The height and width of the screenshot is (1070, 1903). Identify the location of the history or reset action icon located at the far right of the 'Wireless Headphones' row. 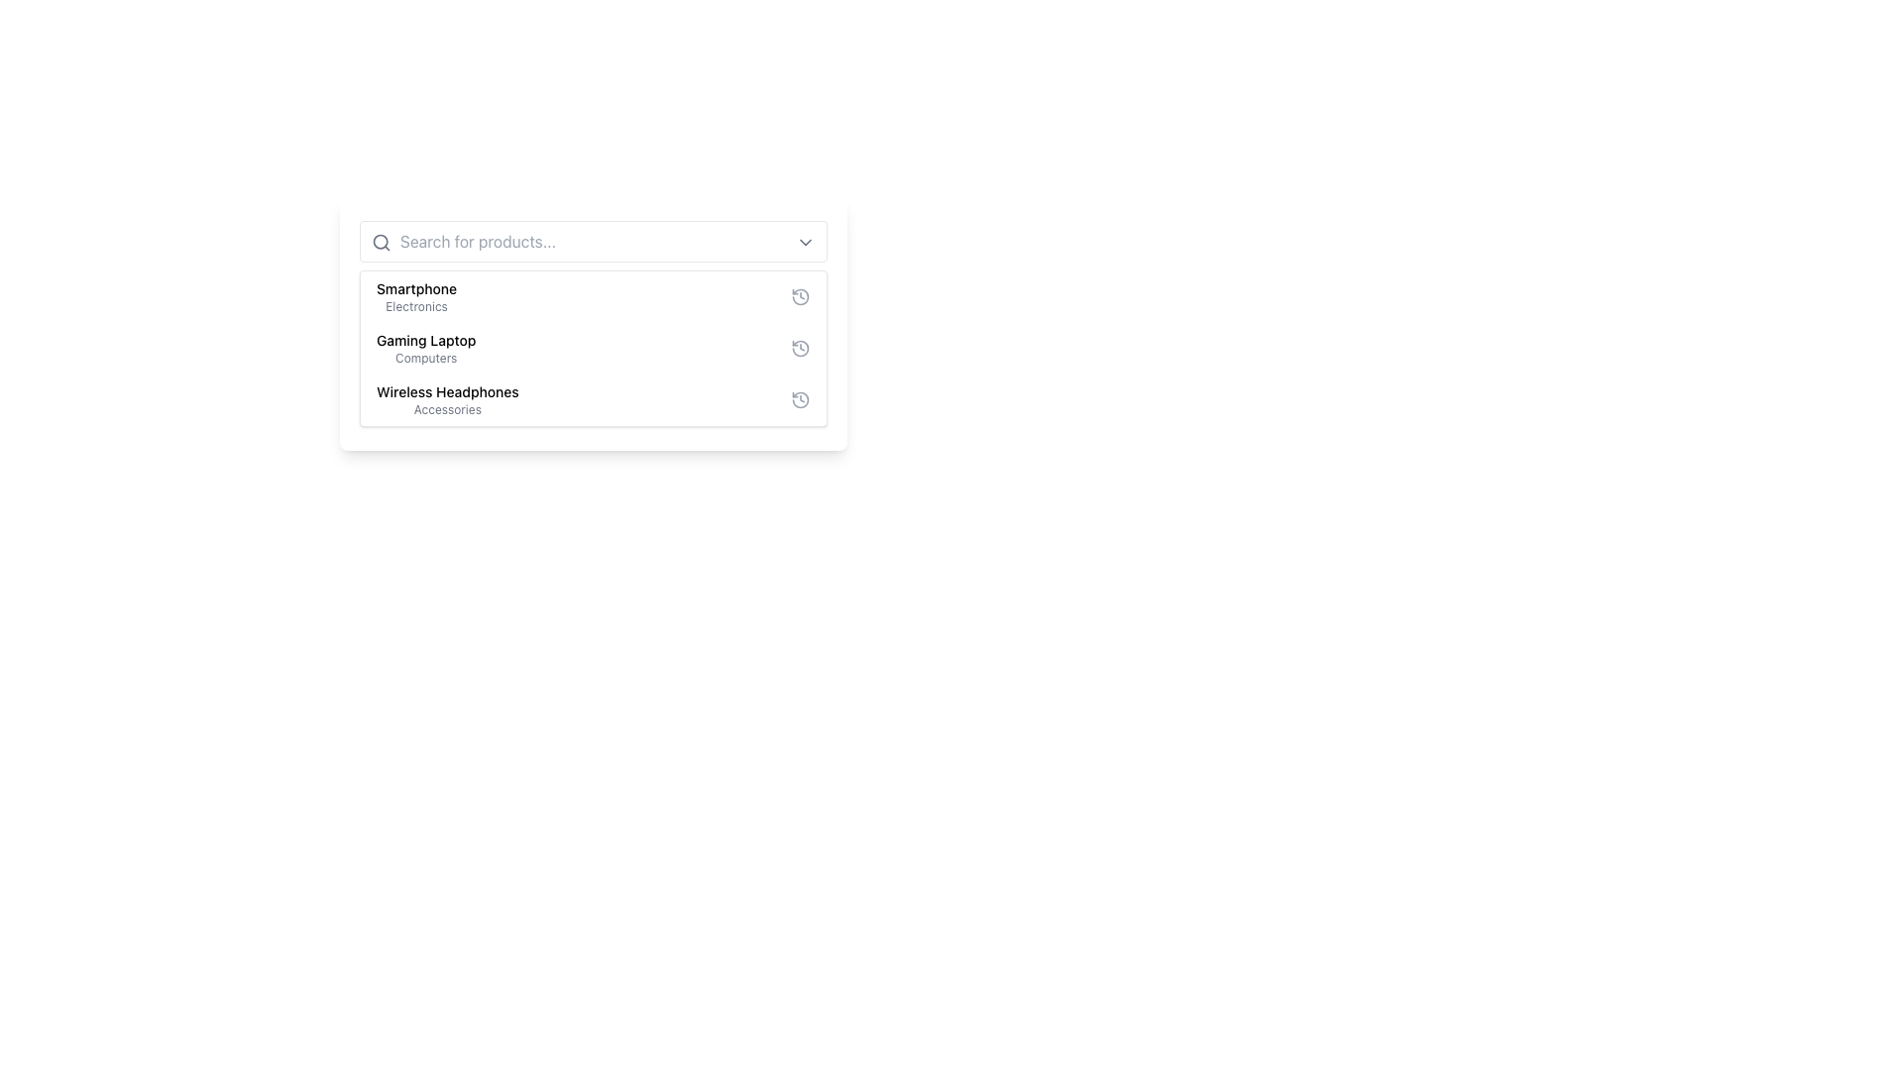
(800, 400).